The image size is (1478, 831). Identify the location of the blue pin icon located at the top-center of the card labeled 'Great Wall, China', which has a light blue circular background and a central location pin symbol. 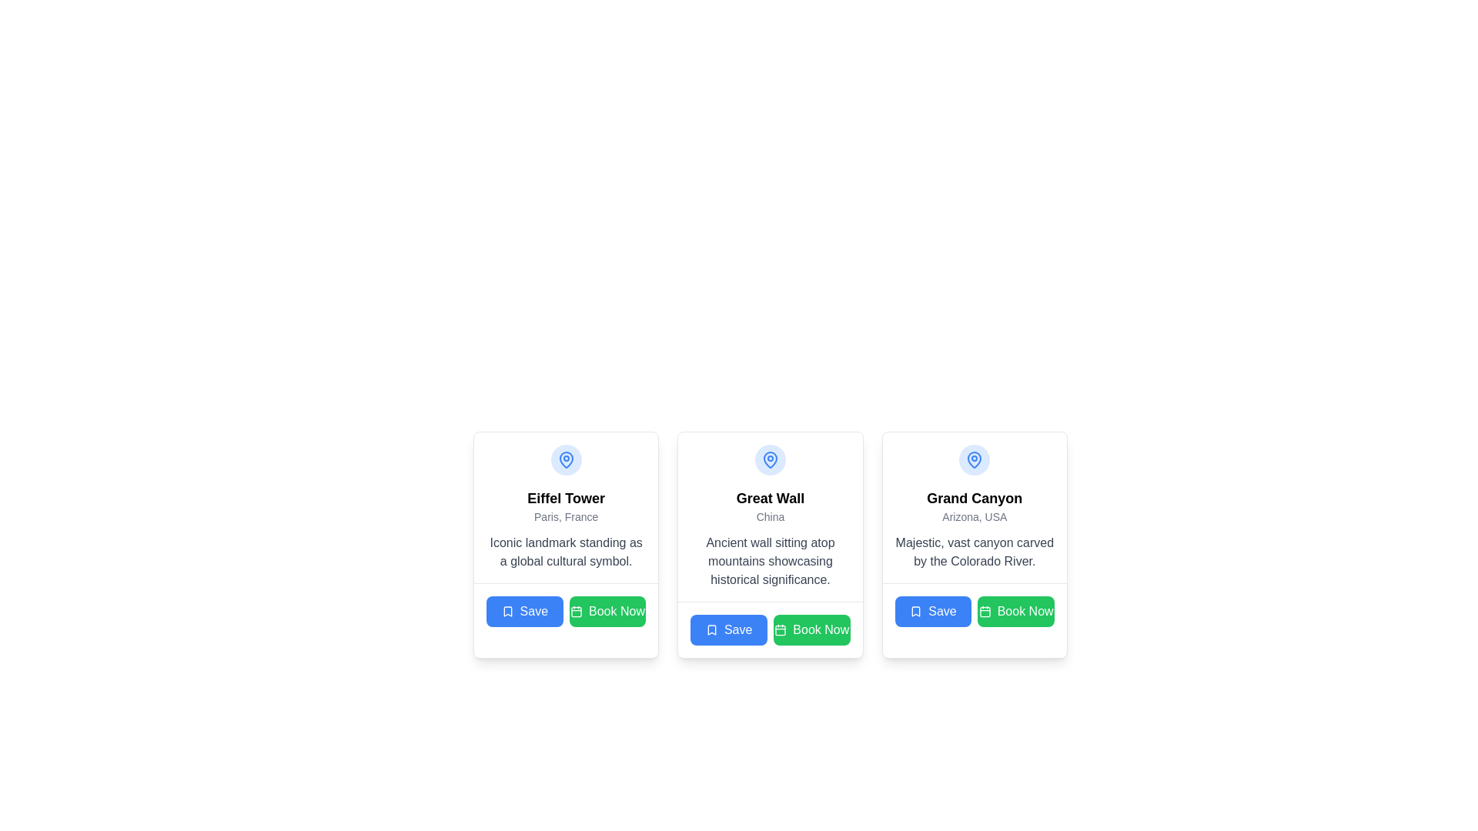
(770, 459).